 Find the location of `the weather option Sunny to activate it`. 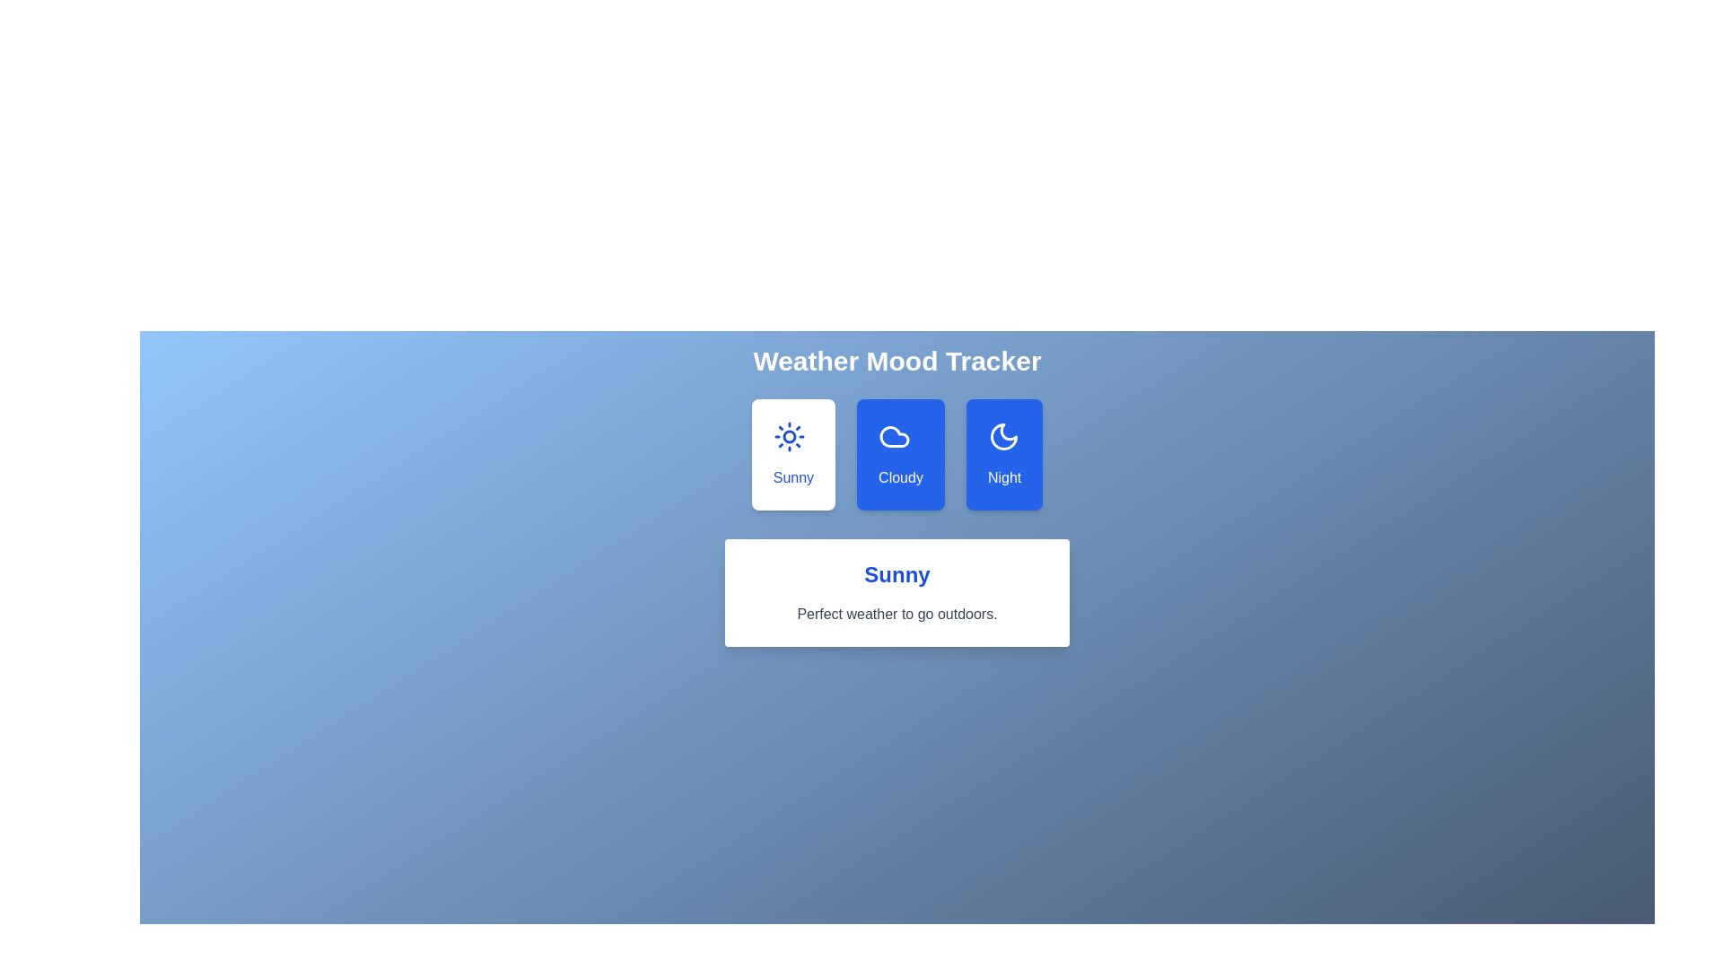

the weather option Sunny to activate it is located at coordinates (792, 453).